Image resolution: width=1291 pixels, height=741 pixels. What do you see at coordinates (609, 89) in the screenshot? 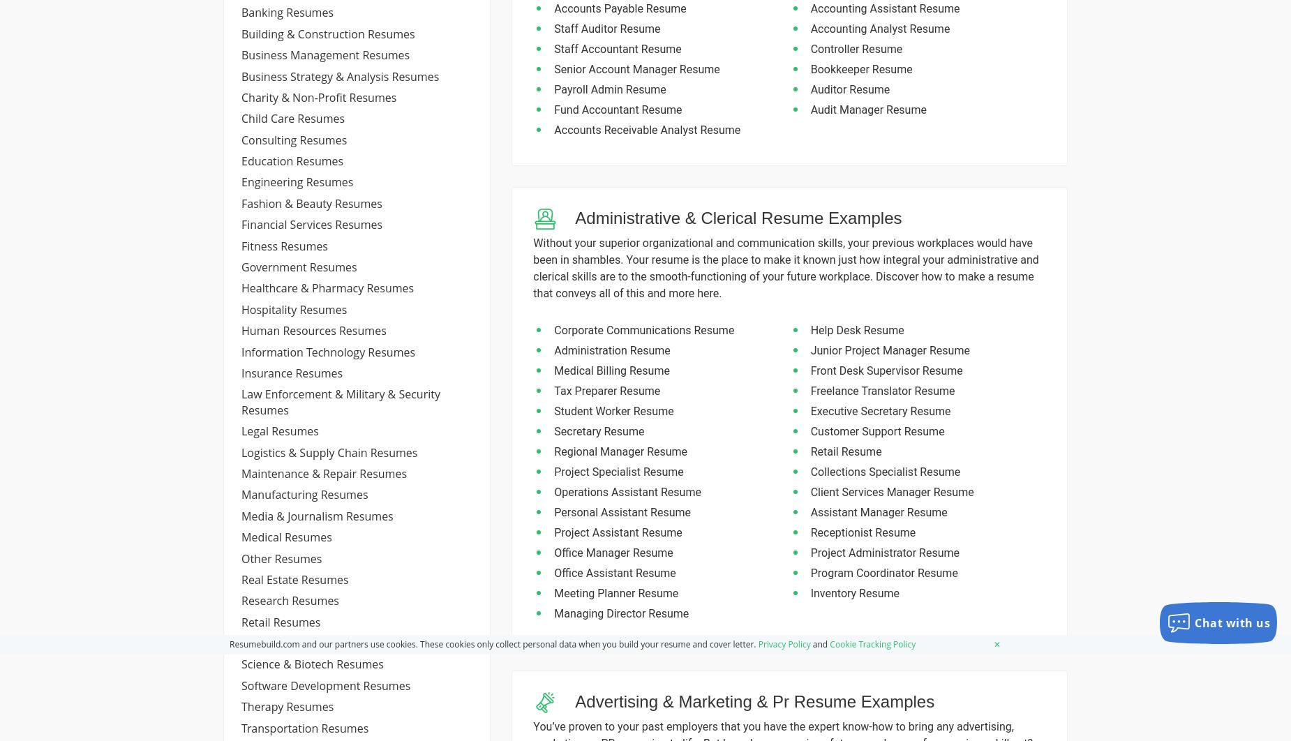
I see `'Payroll Admin Resume'` at bounding box center [609, 89].